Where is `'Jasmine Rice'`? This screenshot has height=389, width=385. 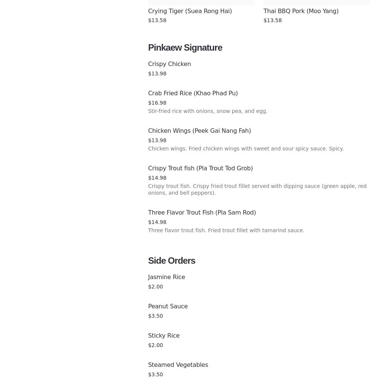 'Jasmine Rice' is located at coordinates (166, 277).